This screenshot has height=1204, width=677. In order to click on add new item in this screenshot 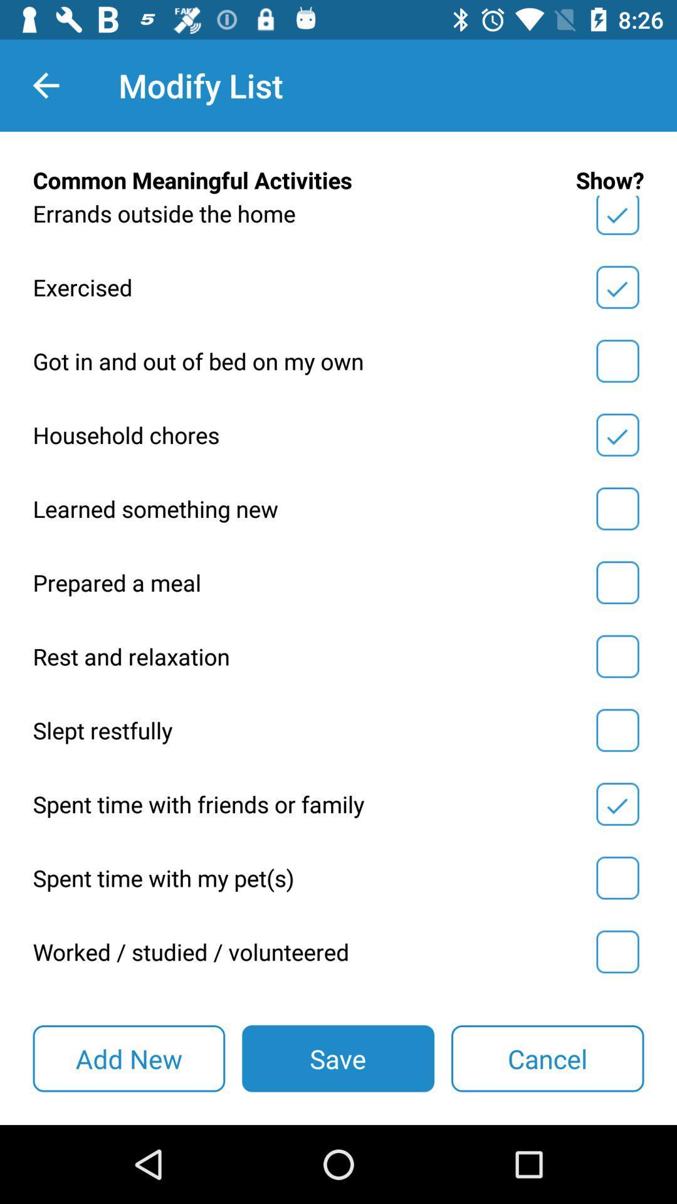, I will do `click(129, 1058)`.